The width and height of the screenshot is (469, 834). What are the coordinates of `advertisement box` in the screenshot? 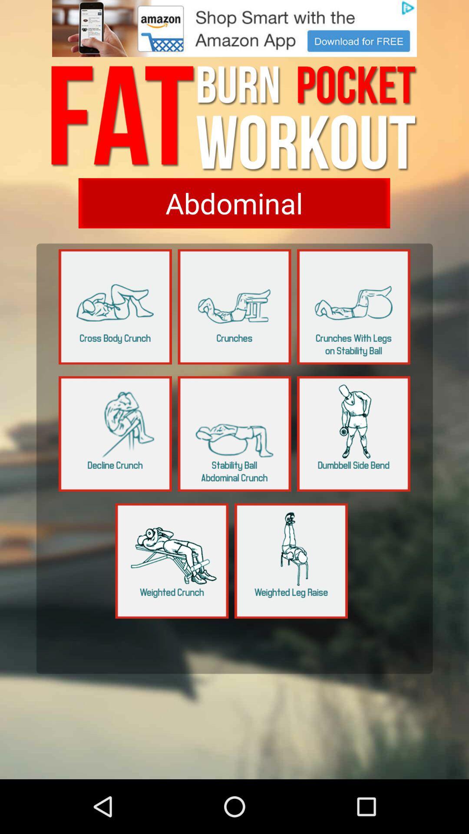 It's located at (234, 28).